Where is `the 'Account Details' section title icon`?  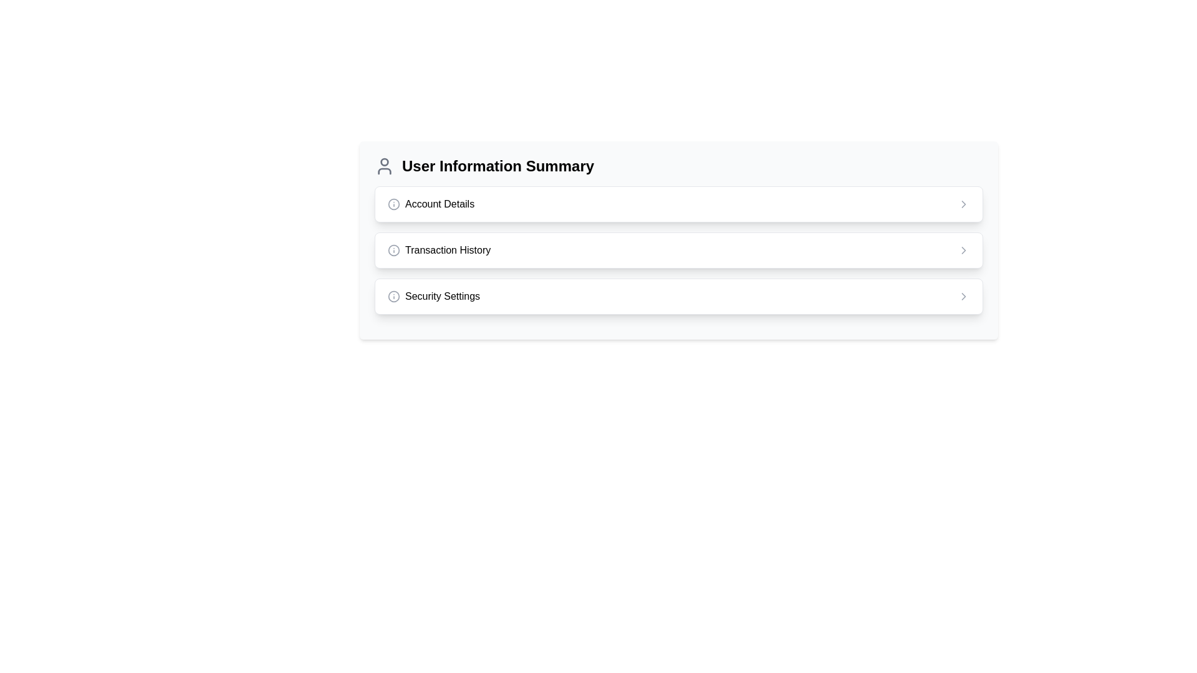
the 'Account Details' section title icon is located at coordinates (431, 203).